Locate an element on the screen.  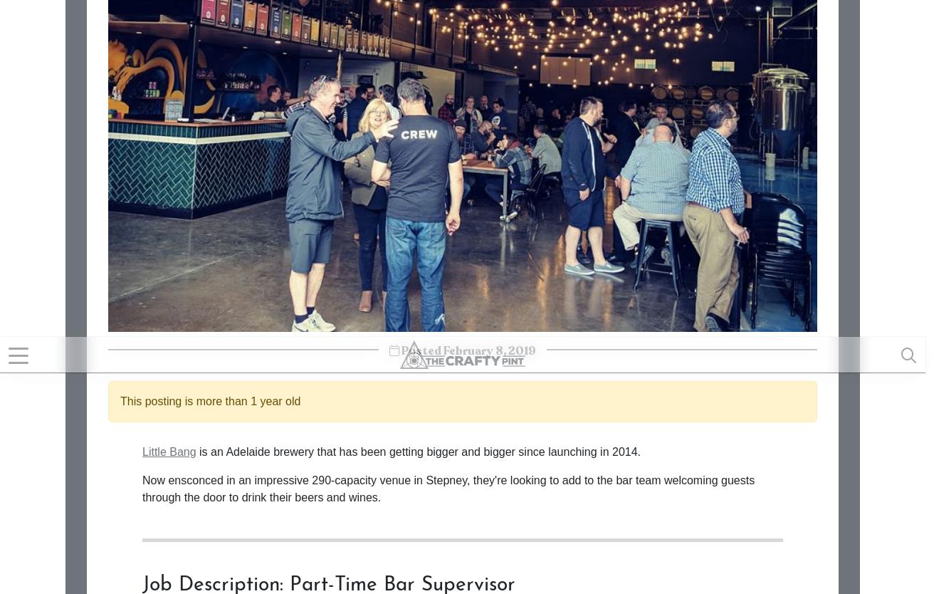
'Experience in function coordination' is located at coordinates (253, 45).